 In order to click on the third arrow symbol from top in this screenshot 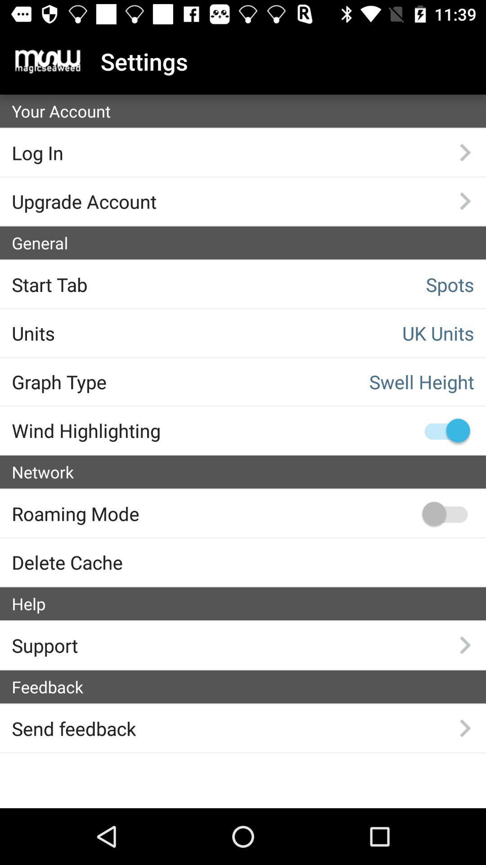, I will do `click(465, 644)`.